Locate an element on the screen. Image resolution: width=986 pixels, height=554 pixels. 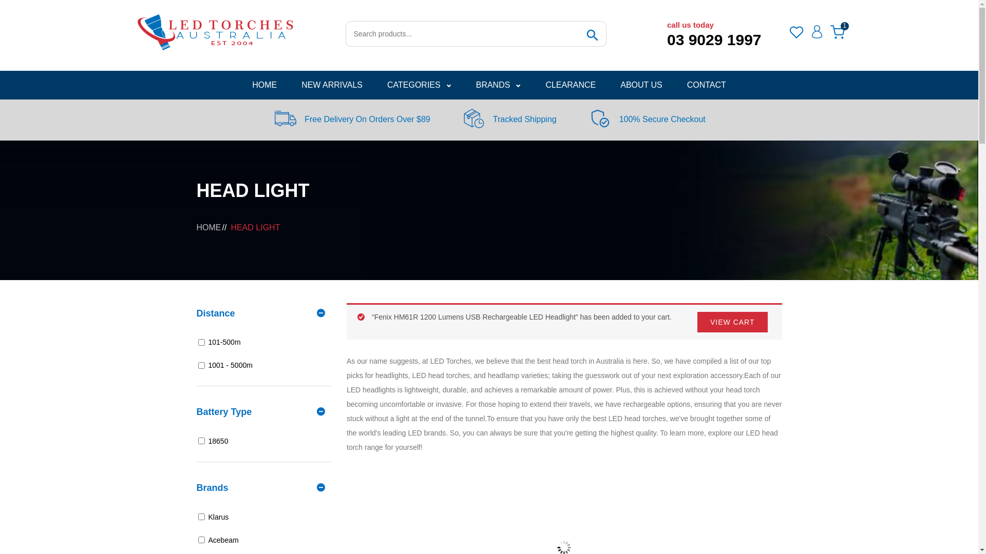
'03 9029 1997' is located at coordinates (667, 39).